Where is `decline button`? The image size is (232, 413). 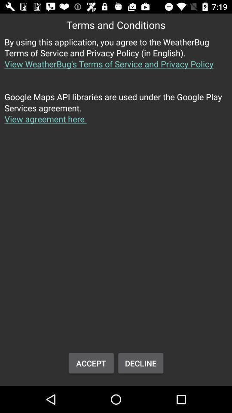 decline button is located at coordinates (140, 363).